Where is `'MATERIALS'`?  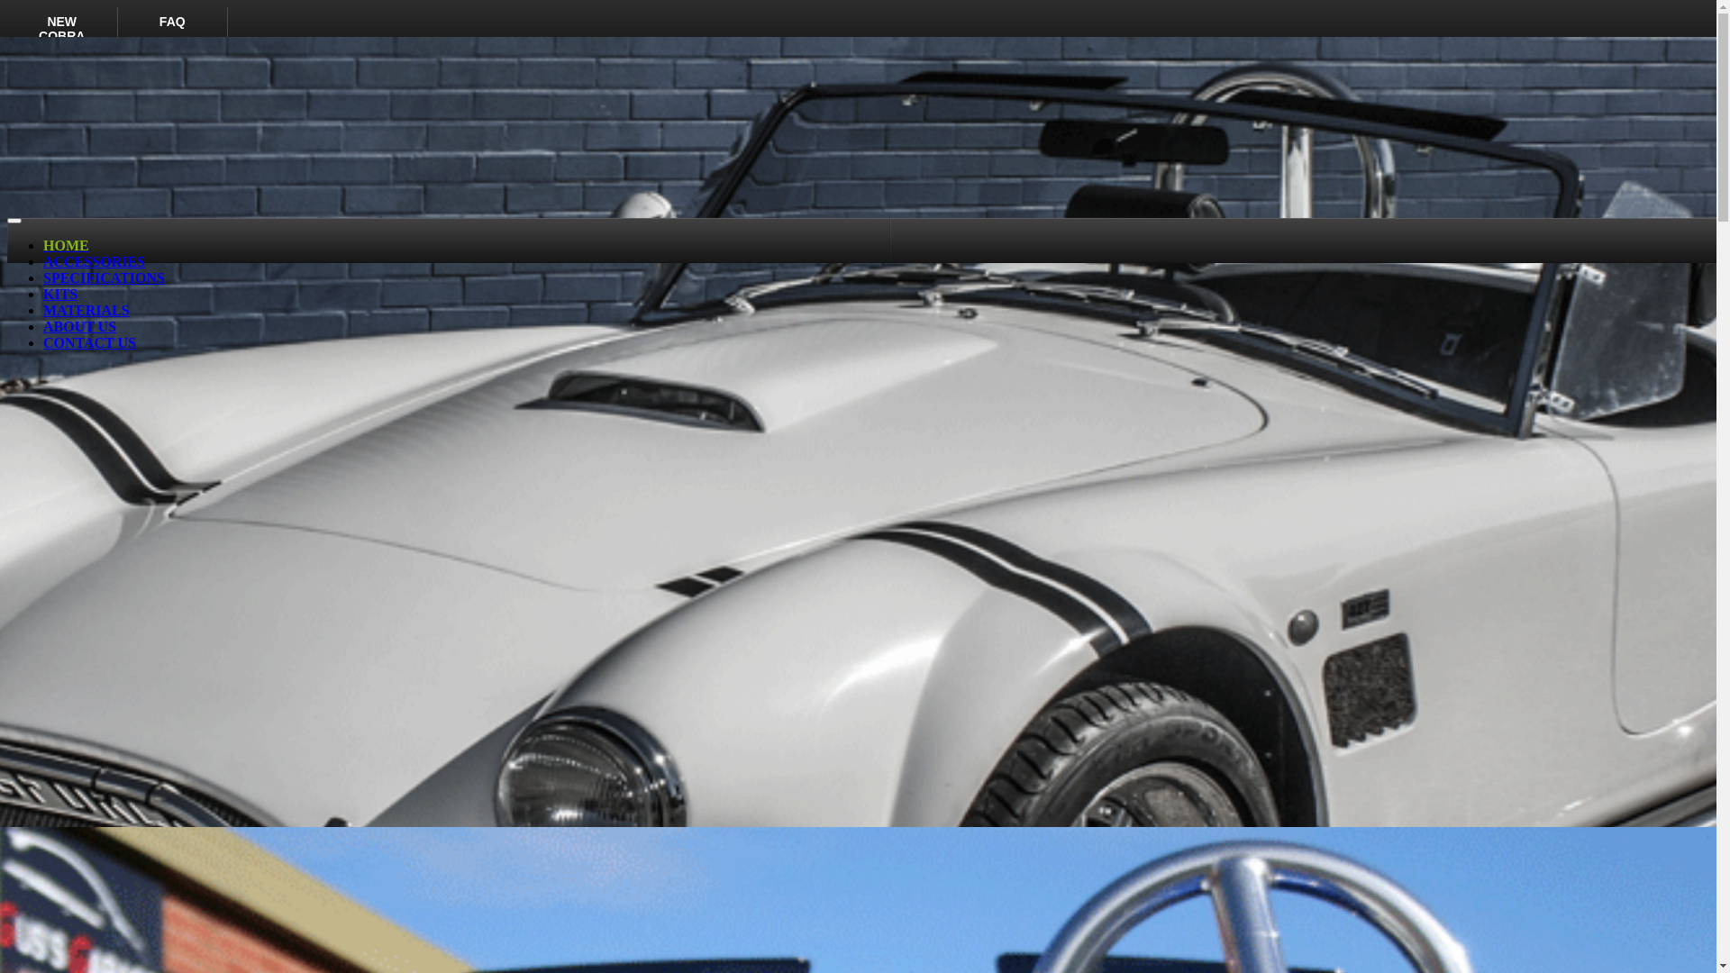 'MATERIALS' is located at coordinates (86, 309).